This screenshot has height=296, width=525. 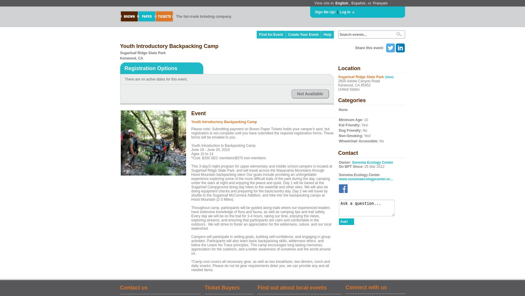 What do you see at coordinates (340, 221) in the screenshot?
I see `'Ask!'` at bounding box center [340, 221].